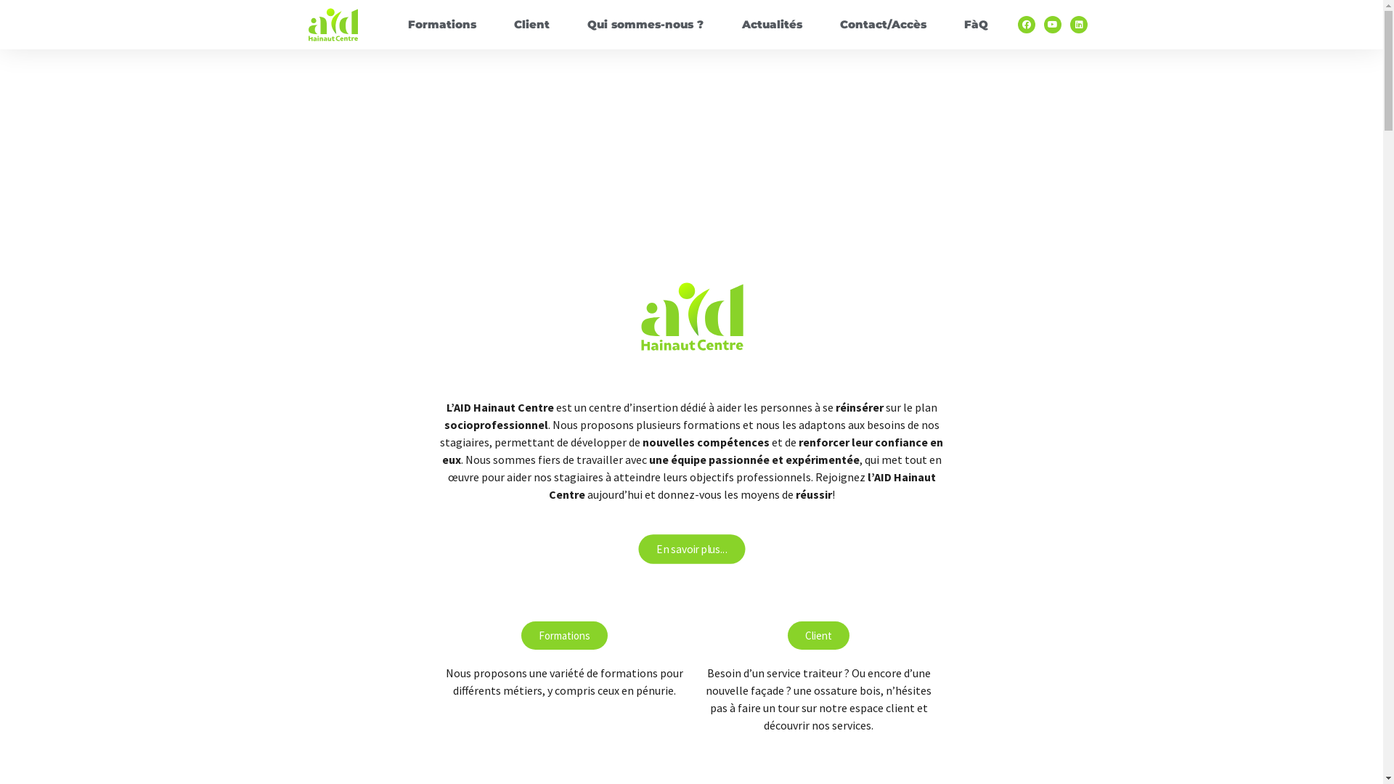 Image resolution: width=1394 pixels, height=784 pixels. What do you see at coordinates (531, 25) in the screenshot?
I see `'Client'` at bounding box center [531, 25].